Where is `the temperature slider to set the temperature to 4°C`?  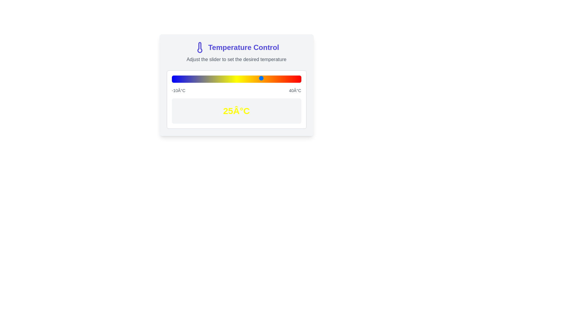
the temperature slider to set the temperature to 4°C is located at coordinates (208, 78).